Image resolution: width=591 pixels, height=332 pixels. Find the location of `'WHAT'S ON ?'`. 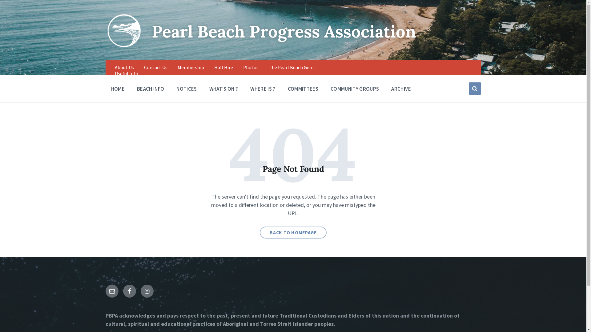

'WHAT'S ON ?' is located at coordinates (223, 88).